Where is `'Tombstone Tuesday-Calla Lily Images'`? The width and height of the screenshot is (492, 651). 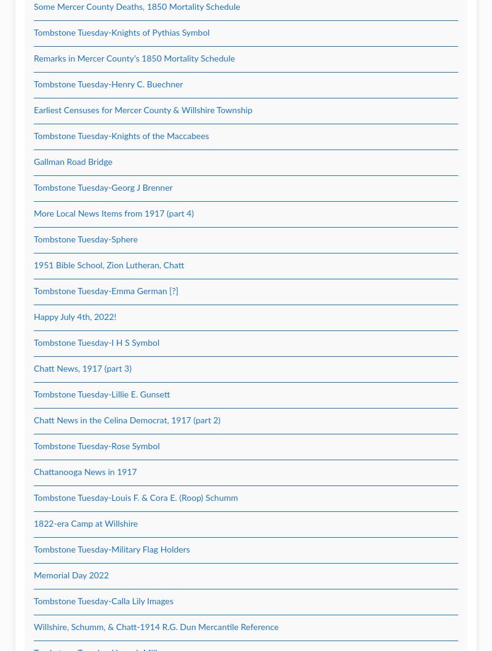
'Tombstone Tuesday-Calla Lily Images' is located at coordinates (103, 601).